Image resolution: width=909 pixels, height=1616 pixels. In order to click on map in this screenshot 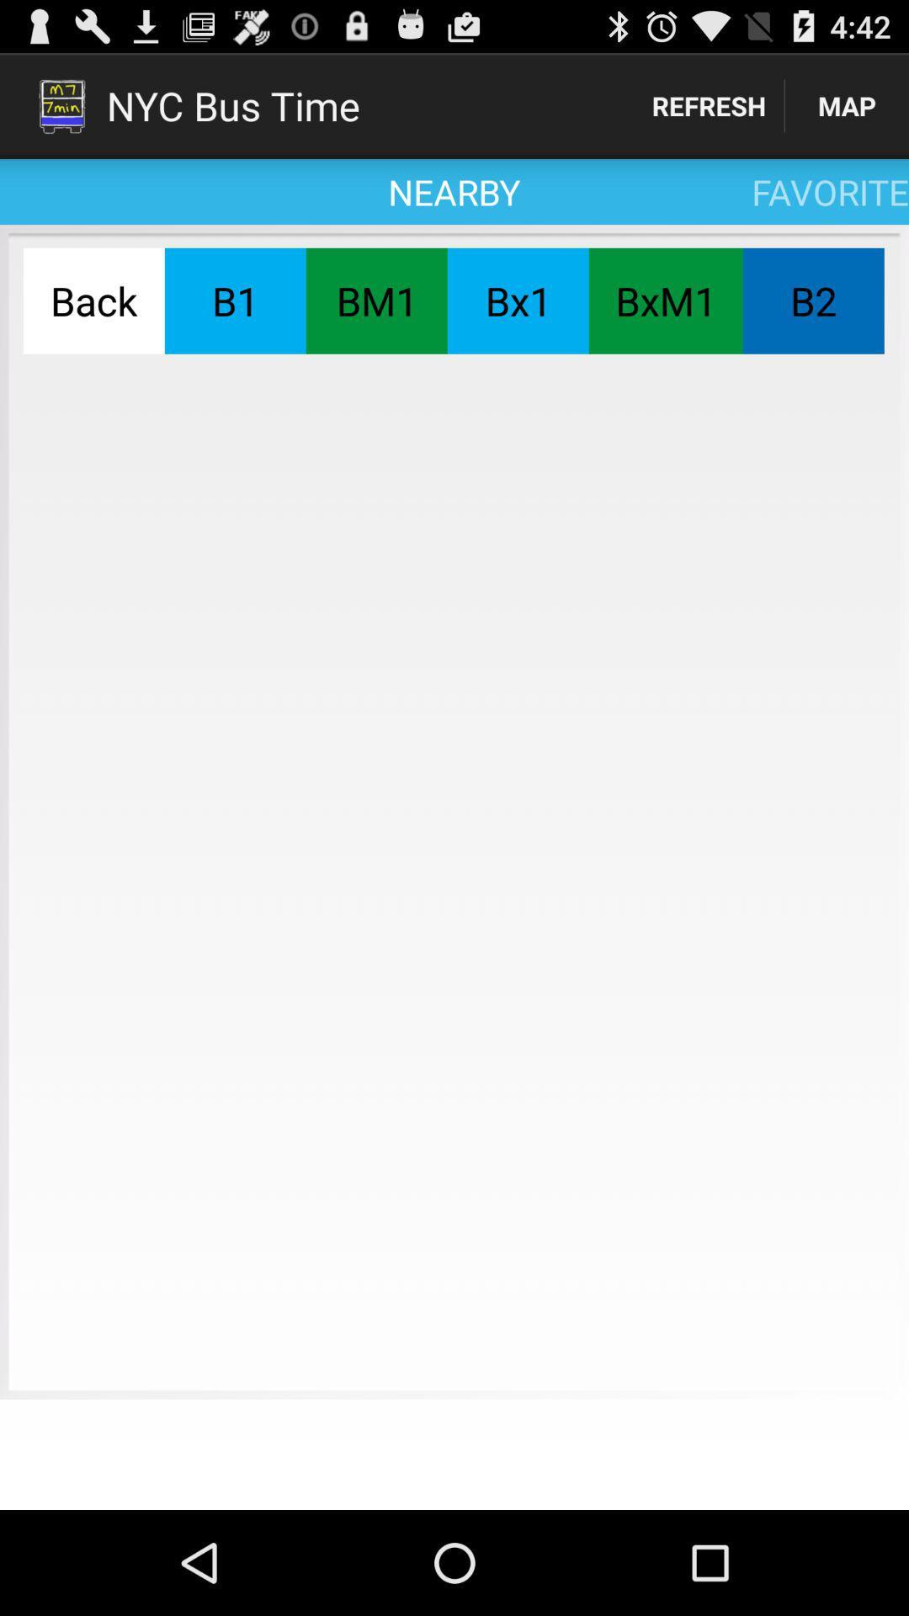, I will do `click(847, 104)`.